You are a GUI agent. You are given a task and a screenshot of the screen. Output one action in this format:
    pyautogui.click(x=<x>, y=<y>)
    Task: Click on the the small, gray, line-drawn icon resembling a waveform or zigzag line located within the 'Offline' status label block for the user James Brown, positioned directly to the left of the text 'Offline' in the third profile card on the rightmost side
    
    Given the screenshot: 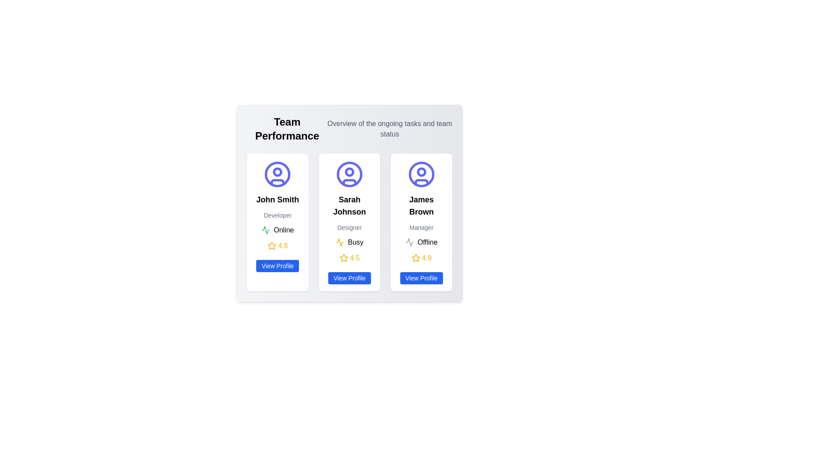 What is the action you would take?
    pyautogui.click(x=409, y=242)
    